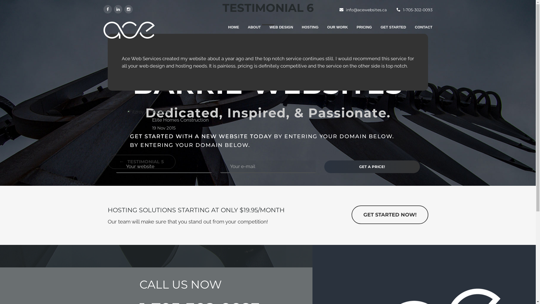  What do you see at coordinates (250, 30) in the screenshot?
I see `'ABOUT'` at bounding box center [250, 30].